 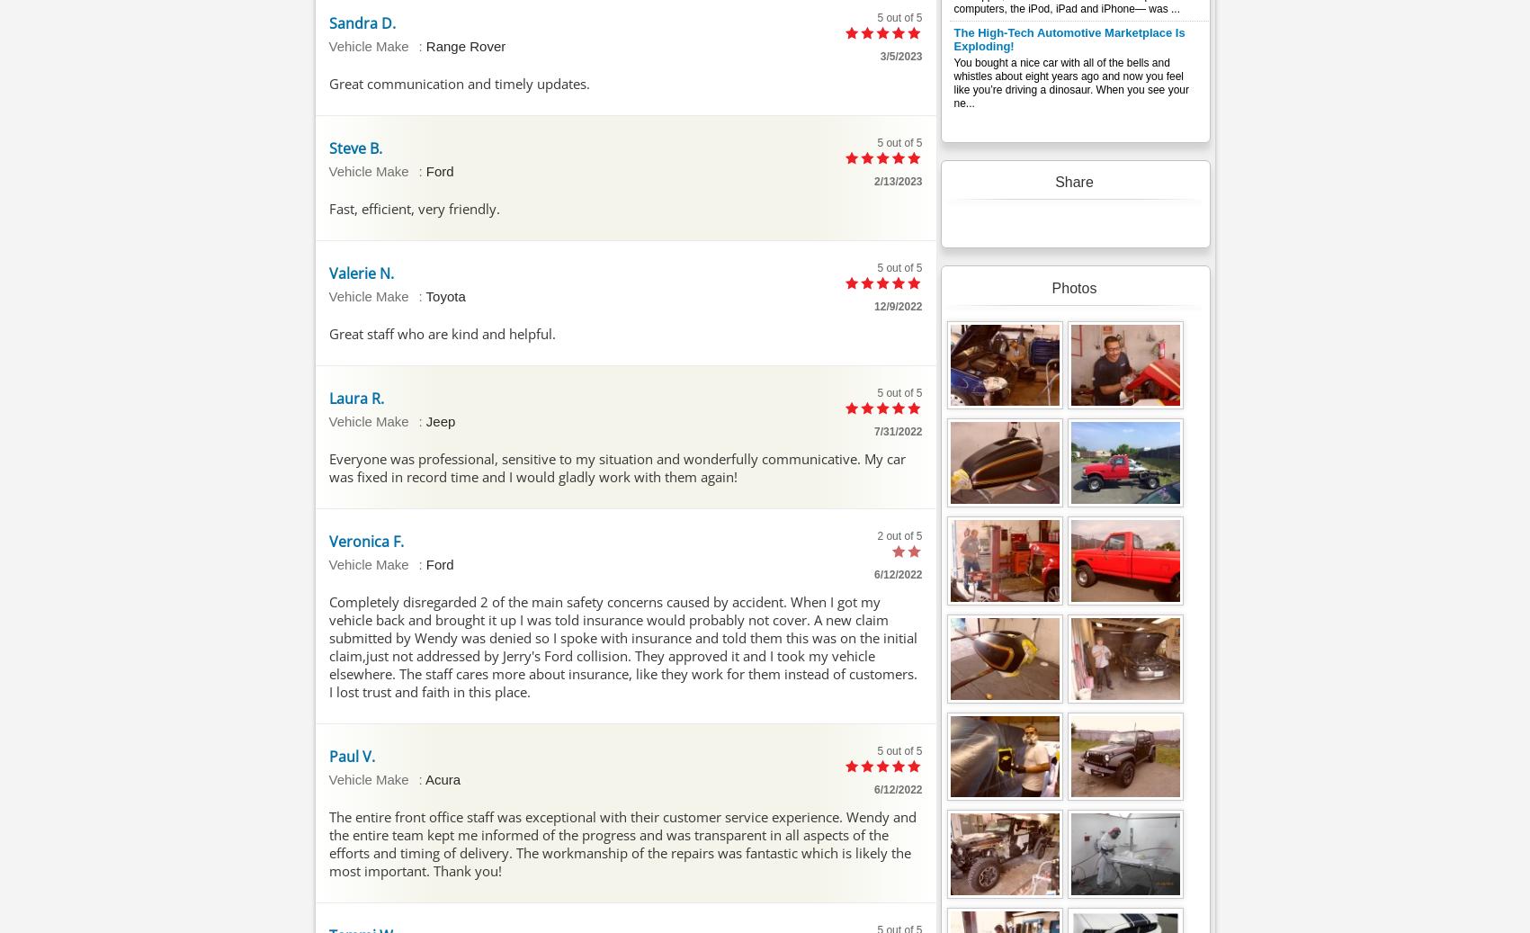 I want to click on 'Paul V.', so click(x=350, y=755).